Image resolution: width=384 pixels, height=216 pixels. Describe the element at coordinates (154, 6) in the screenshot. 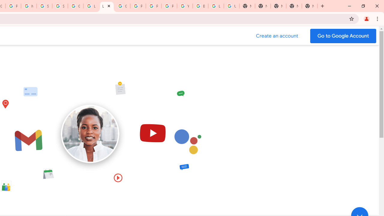

I see `'Privacy Help Center - Policies Help'` at that location.